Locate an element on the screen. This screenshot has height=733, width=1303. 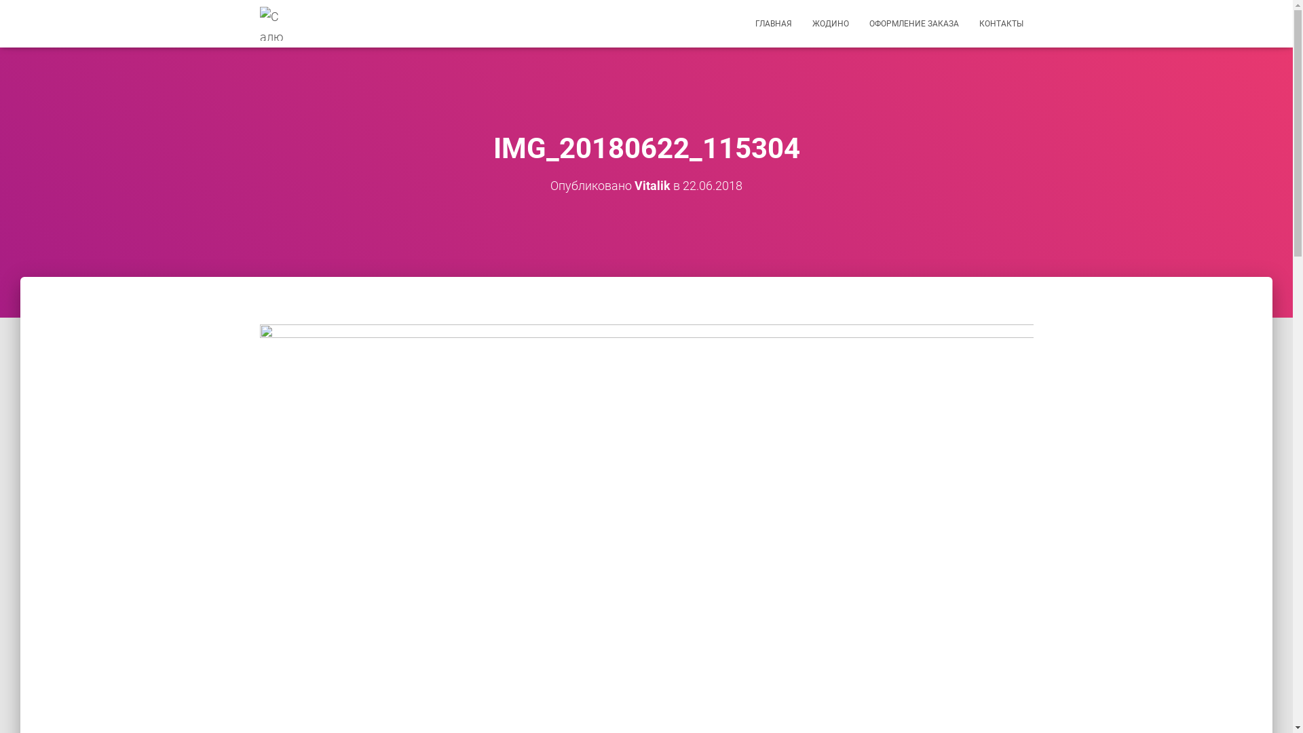
'Vitalik' is located at coordinates (652, 185).